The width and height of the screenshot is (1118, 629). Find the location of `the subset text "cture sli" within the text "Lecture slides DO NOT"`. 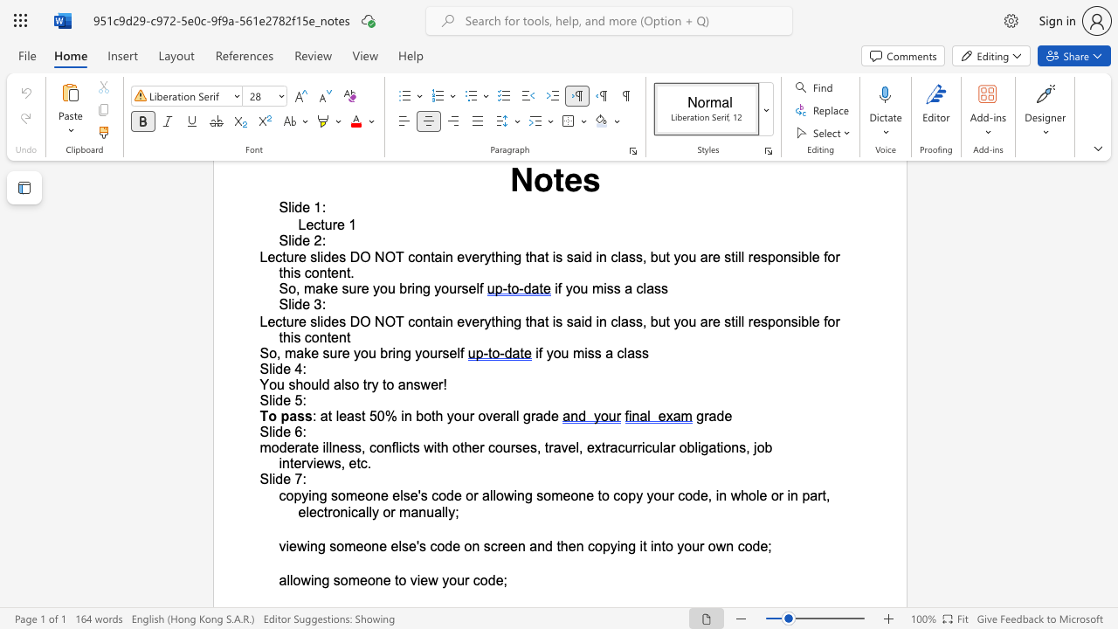

the subset text "cture sli" within the text "Lecture slides DO NOT" is located at coordinates (274, 257).